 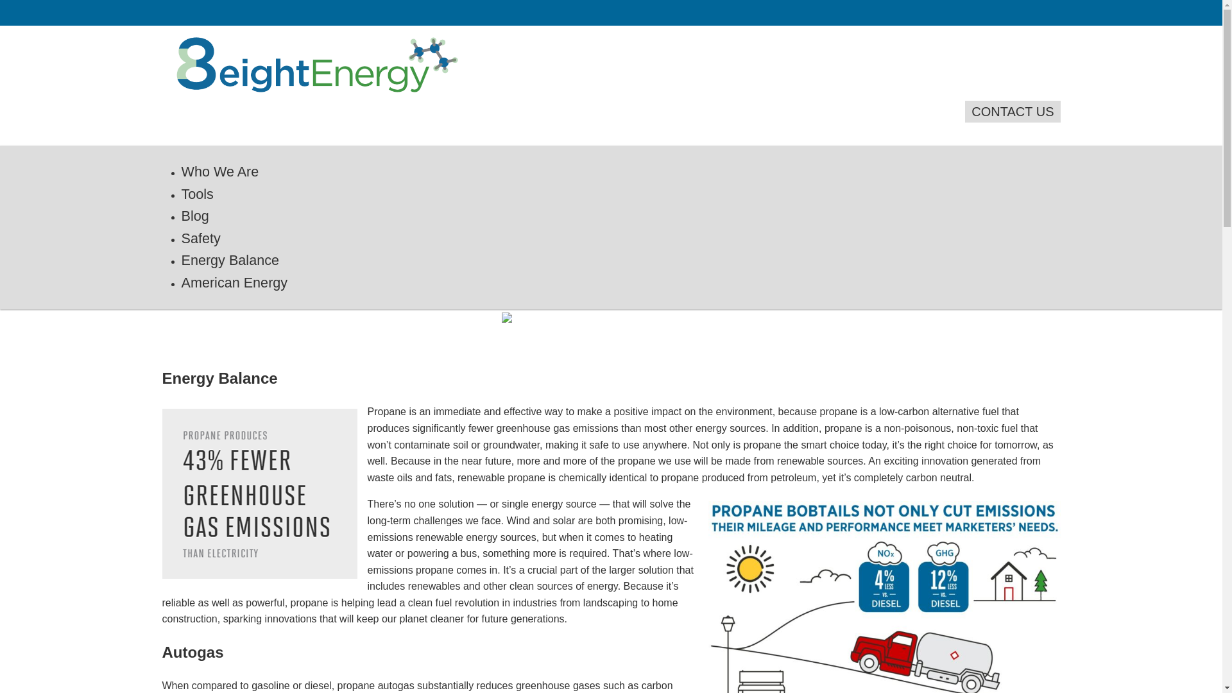 I want to click on 'American Energy', so click(x=234, y=282).